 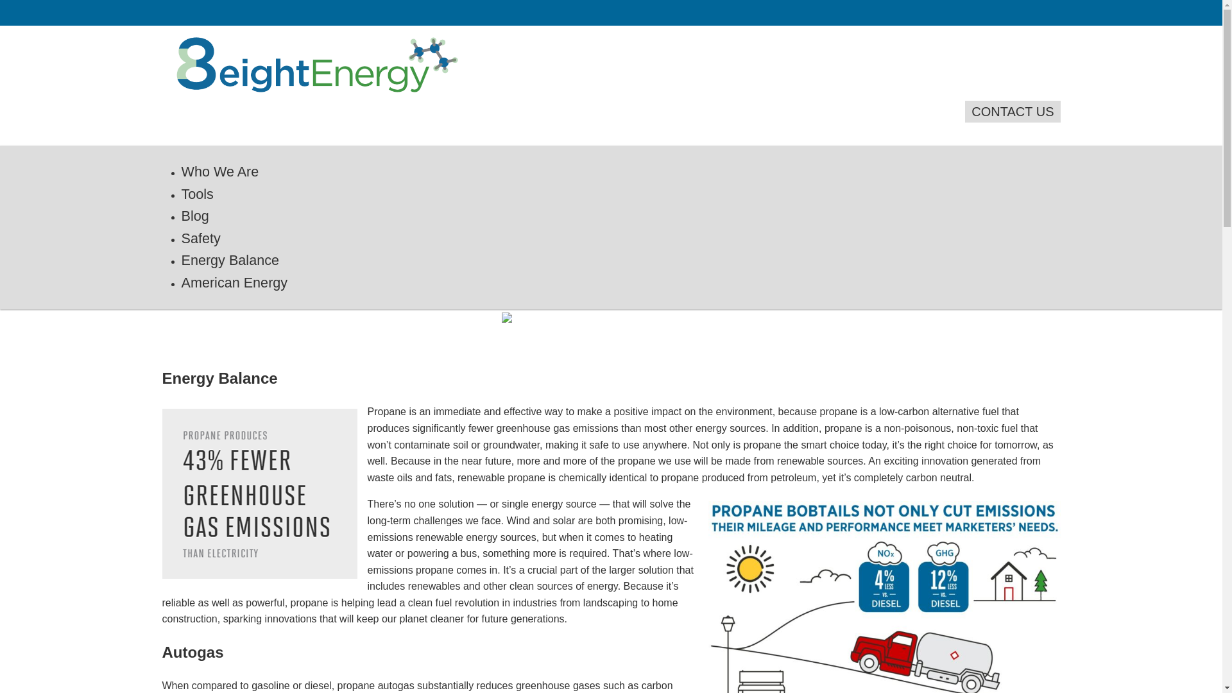 I want to click on 'American Energy', so click(x=234, y=282).